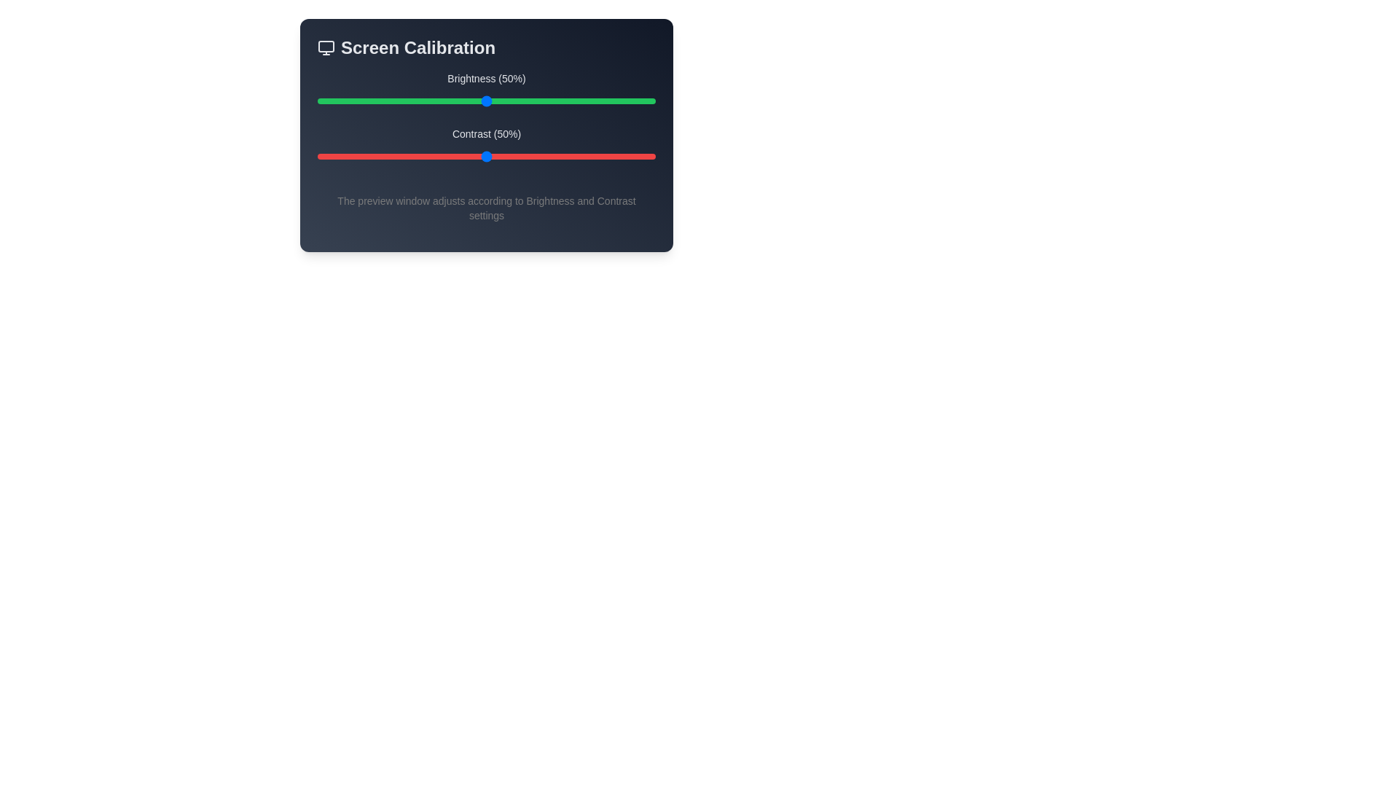  What do you see at coordinates (368, 100) in the screenshot?
I see `the brightness slider to set the brightness level to 15%` at bounding box center [368, 100].